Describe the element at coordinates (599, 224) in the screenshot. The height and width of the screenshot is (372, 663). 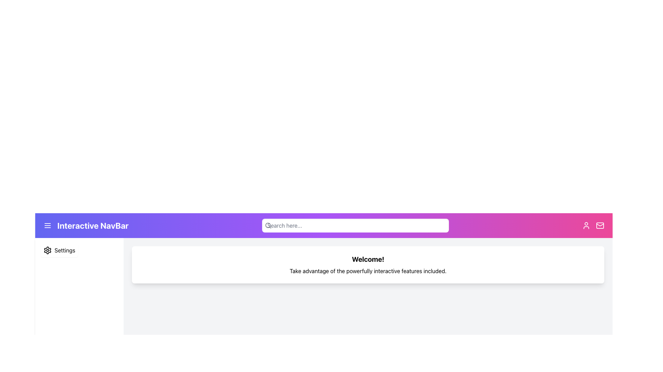
I see `the mail icon located in the navigation bar, which visually represents mail communication functionalities` at that location.